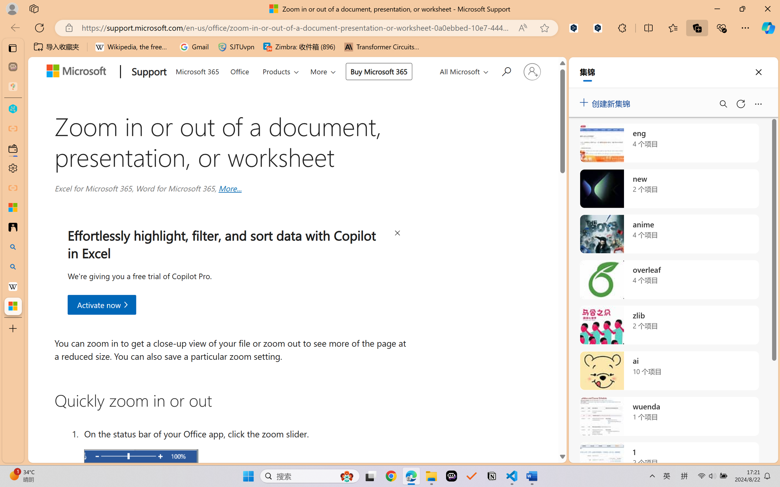 This screenshot has height=487, width=780. What do you see at coordinates (194, 47) in the screenshot?
I see `'Gmail'` at bounding box center [194, 47].